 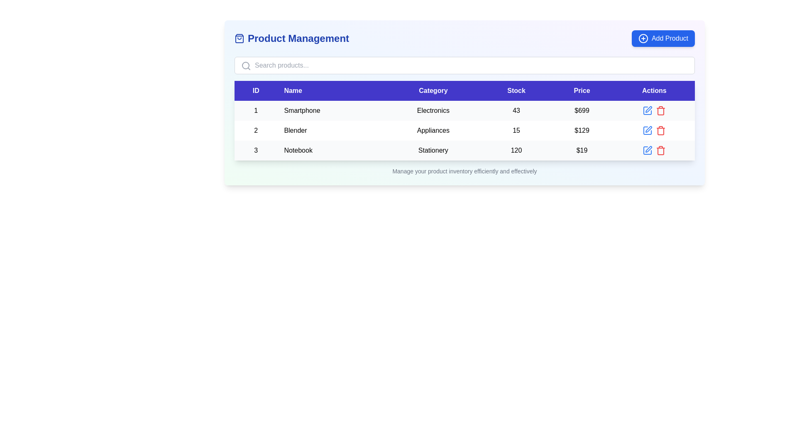 What do you see at coordinates (433, 150) in the screenshot?
I see `the 'Category' text label for the product 'Notebook' located in the third row and third column of the table` at bounding box center [433, 150].